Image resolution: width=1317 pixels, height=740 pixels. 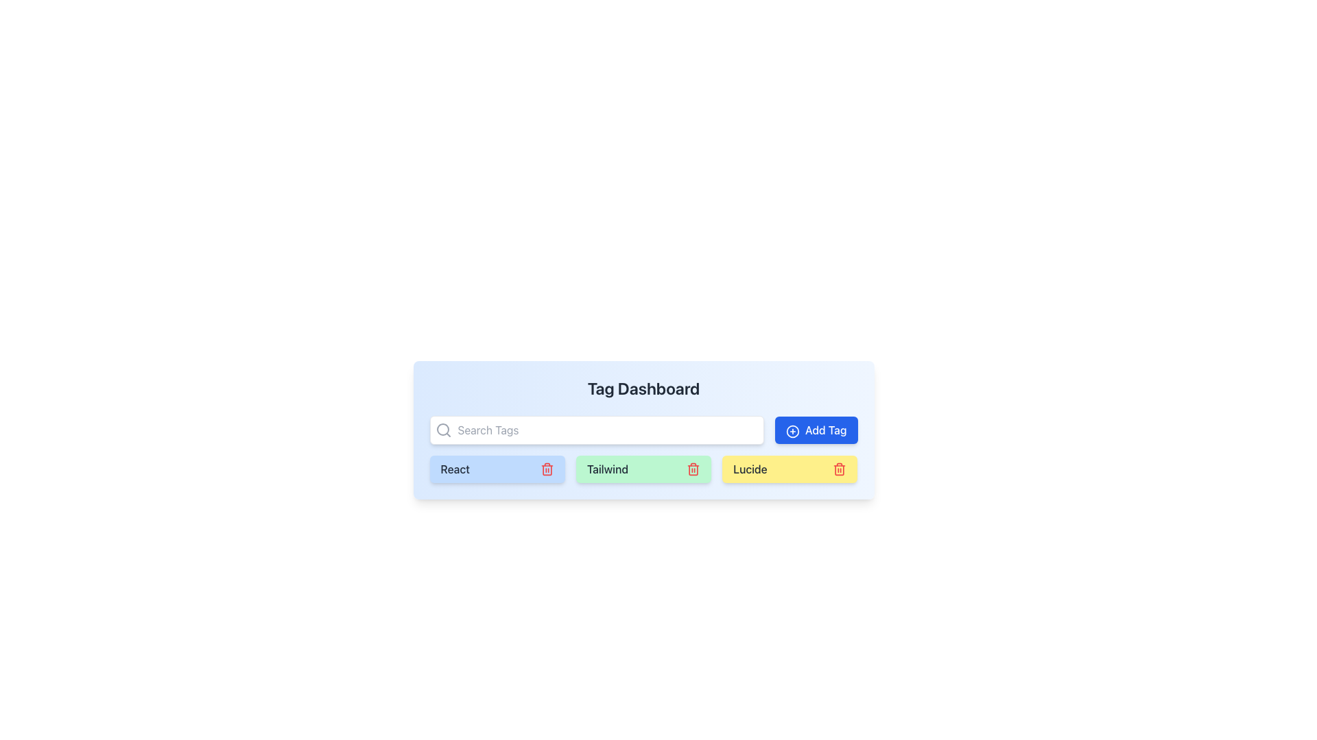 I want to click on the trash or delete icon inside the yellow 'Lucide' tag in the bottom row, so click(x=839, y=469).